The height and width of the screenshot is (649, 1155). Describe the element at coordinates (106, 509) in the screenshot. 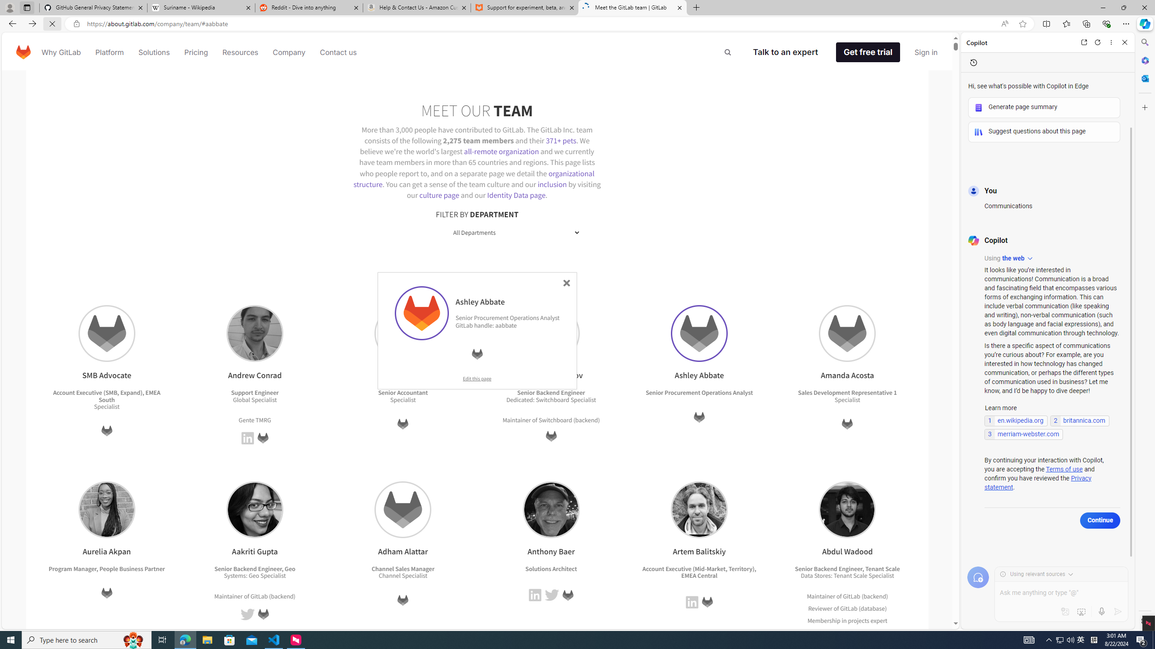

I see `'Aurelia Akpan'` at that location.